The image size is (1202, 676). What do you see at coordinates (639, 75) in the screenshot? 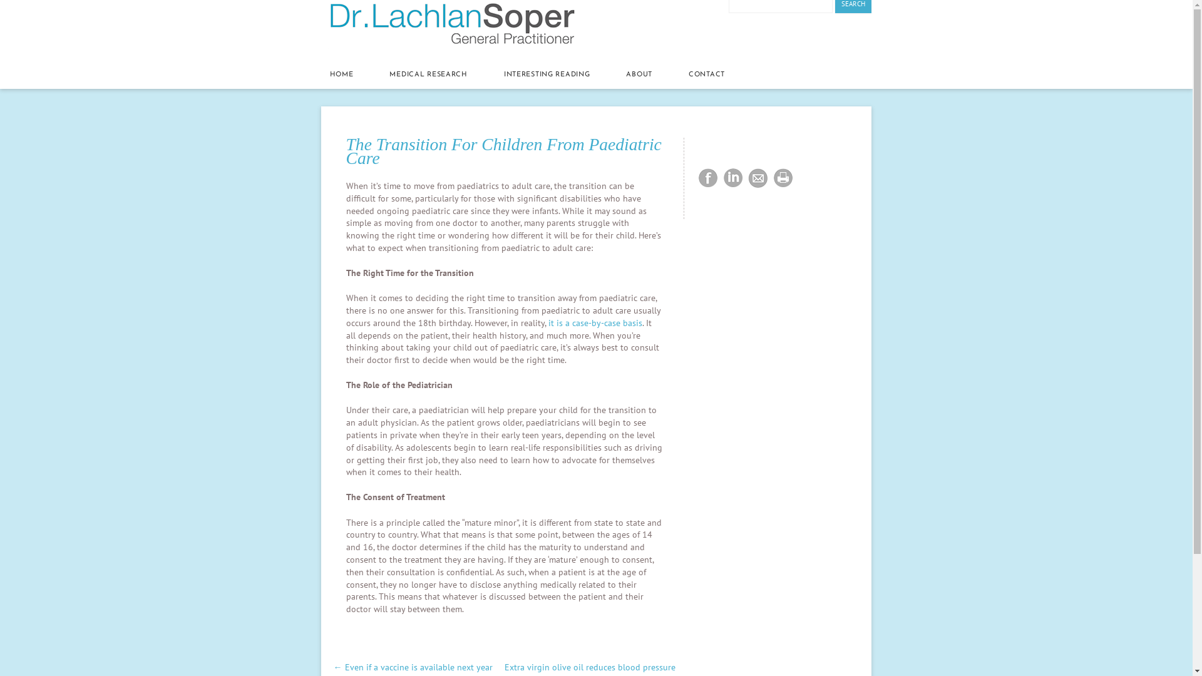
I see `'ABOUT'` at bounding box center [639, 75].